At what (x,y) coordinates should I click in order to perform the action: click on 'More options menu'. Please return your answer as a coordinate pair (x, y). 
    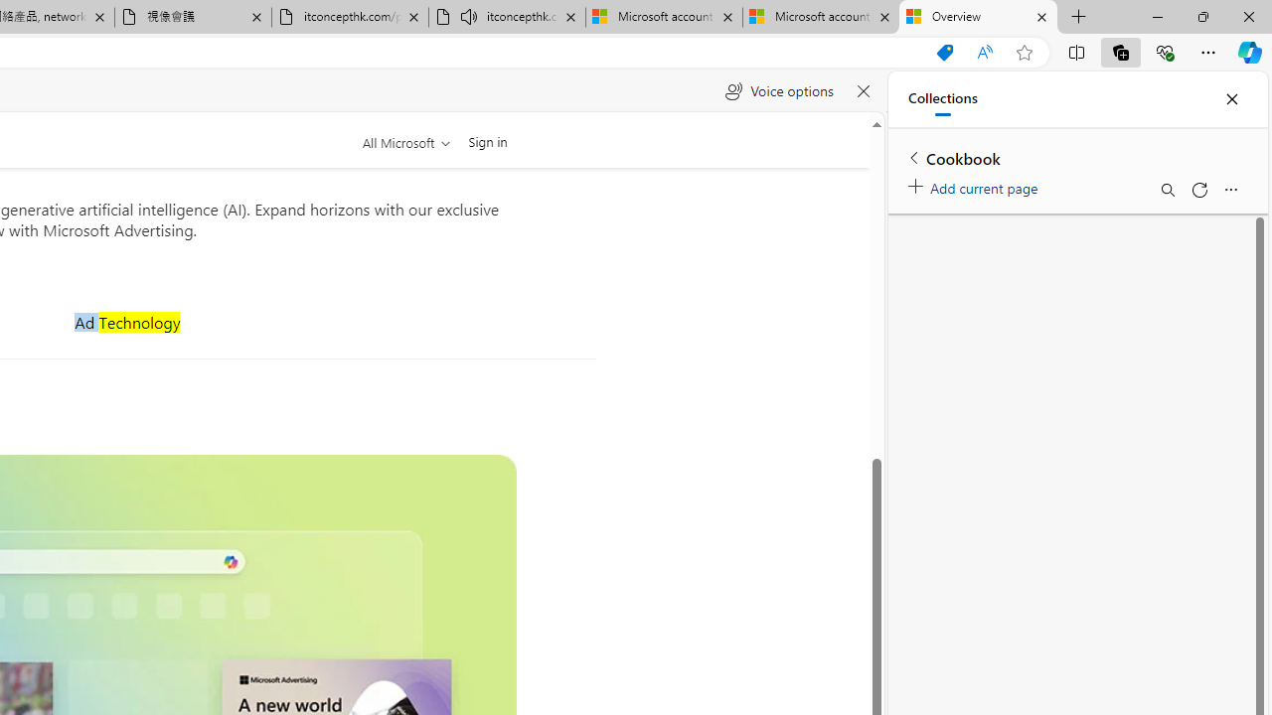
    Looking at the image, I should click on (1229, 190).